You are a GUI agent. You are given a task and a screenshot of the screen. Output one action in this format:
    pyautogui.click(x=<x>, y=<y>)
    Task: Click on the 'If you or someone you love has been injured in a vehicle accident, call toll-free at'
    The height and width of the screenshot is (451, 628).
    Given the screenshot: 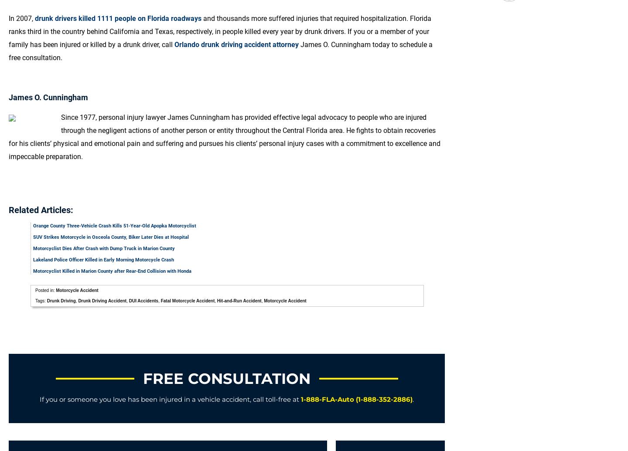 What is the action you would take?
    pyautogui.click(x=40, y=399)
    